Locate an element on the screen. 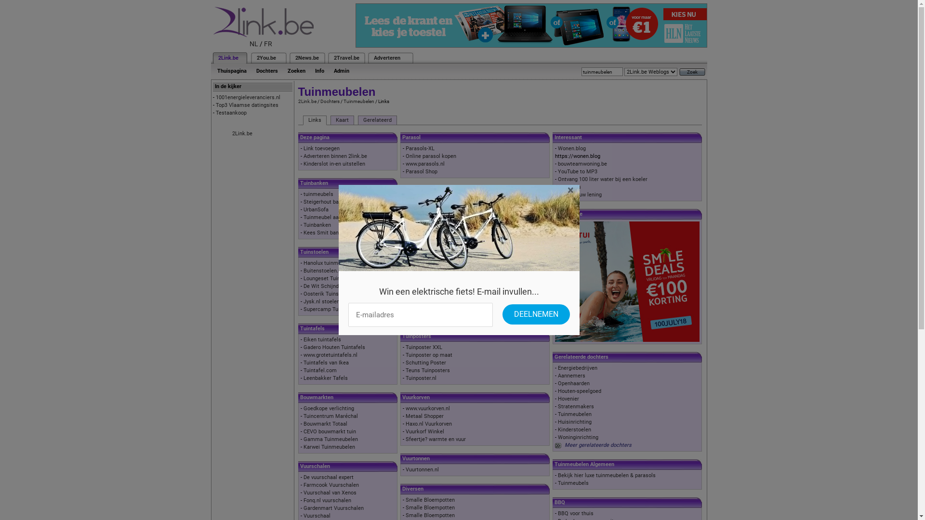  'Stratenmakers' is located at coordinates (557, 406).